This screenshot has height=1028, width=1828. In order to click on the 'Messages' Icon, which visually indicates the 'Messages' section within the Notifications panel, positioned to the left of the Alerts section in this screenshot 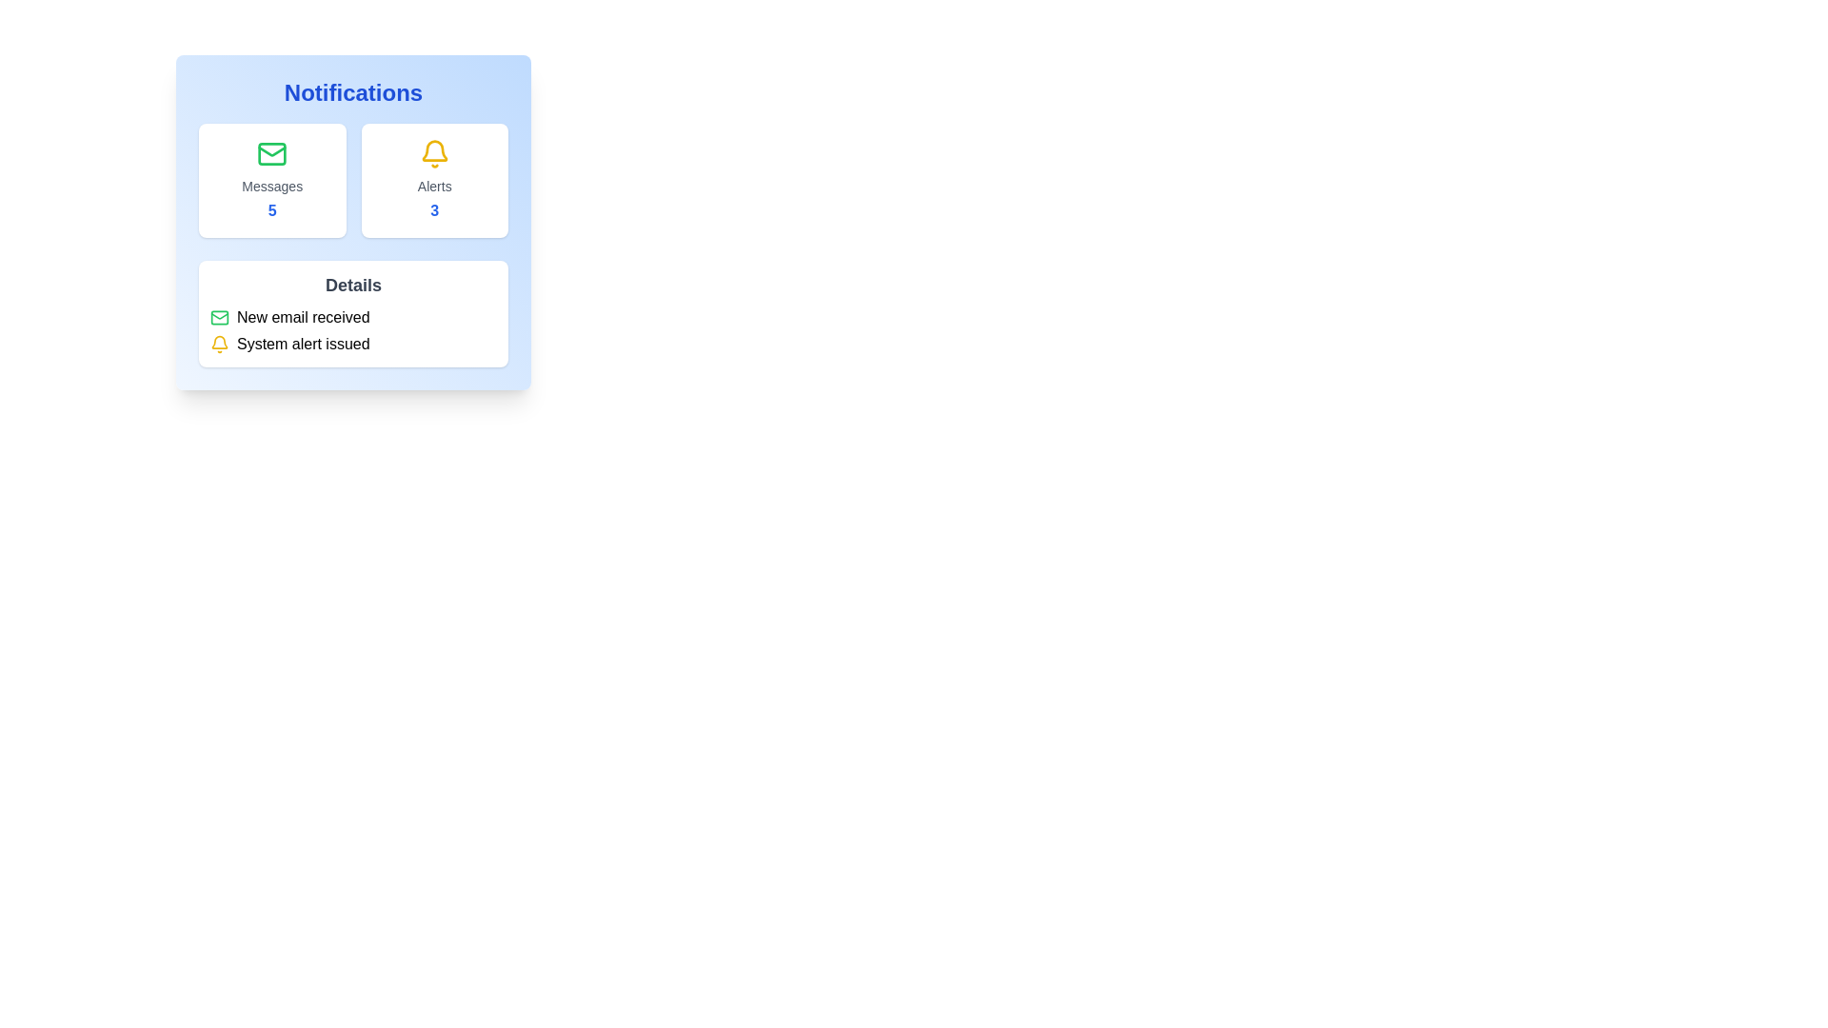, I will do `click(271, 150)`.